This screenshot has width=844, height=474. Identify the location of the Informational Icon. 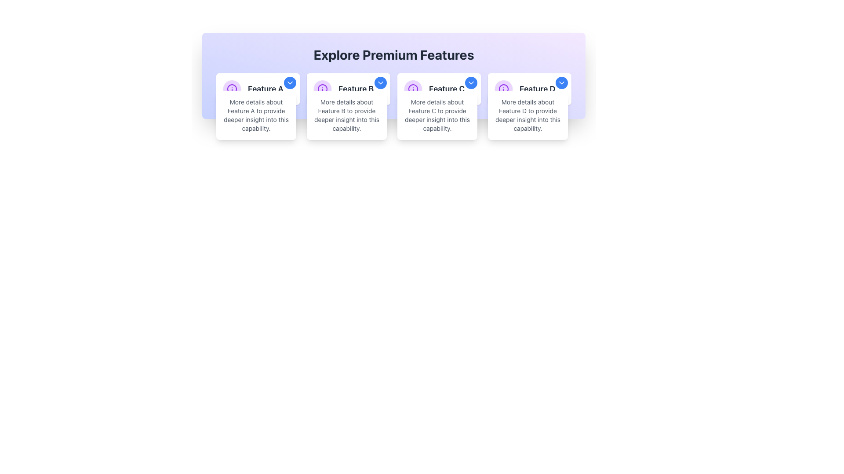
(504, 89).